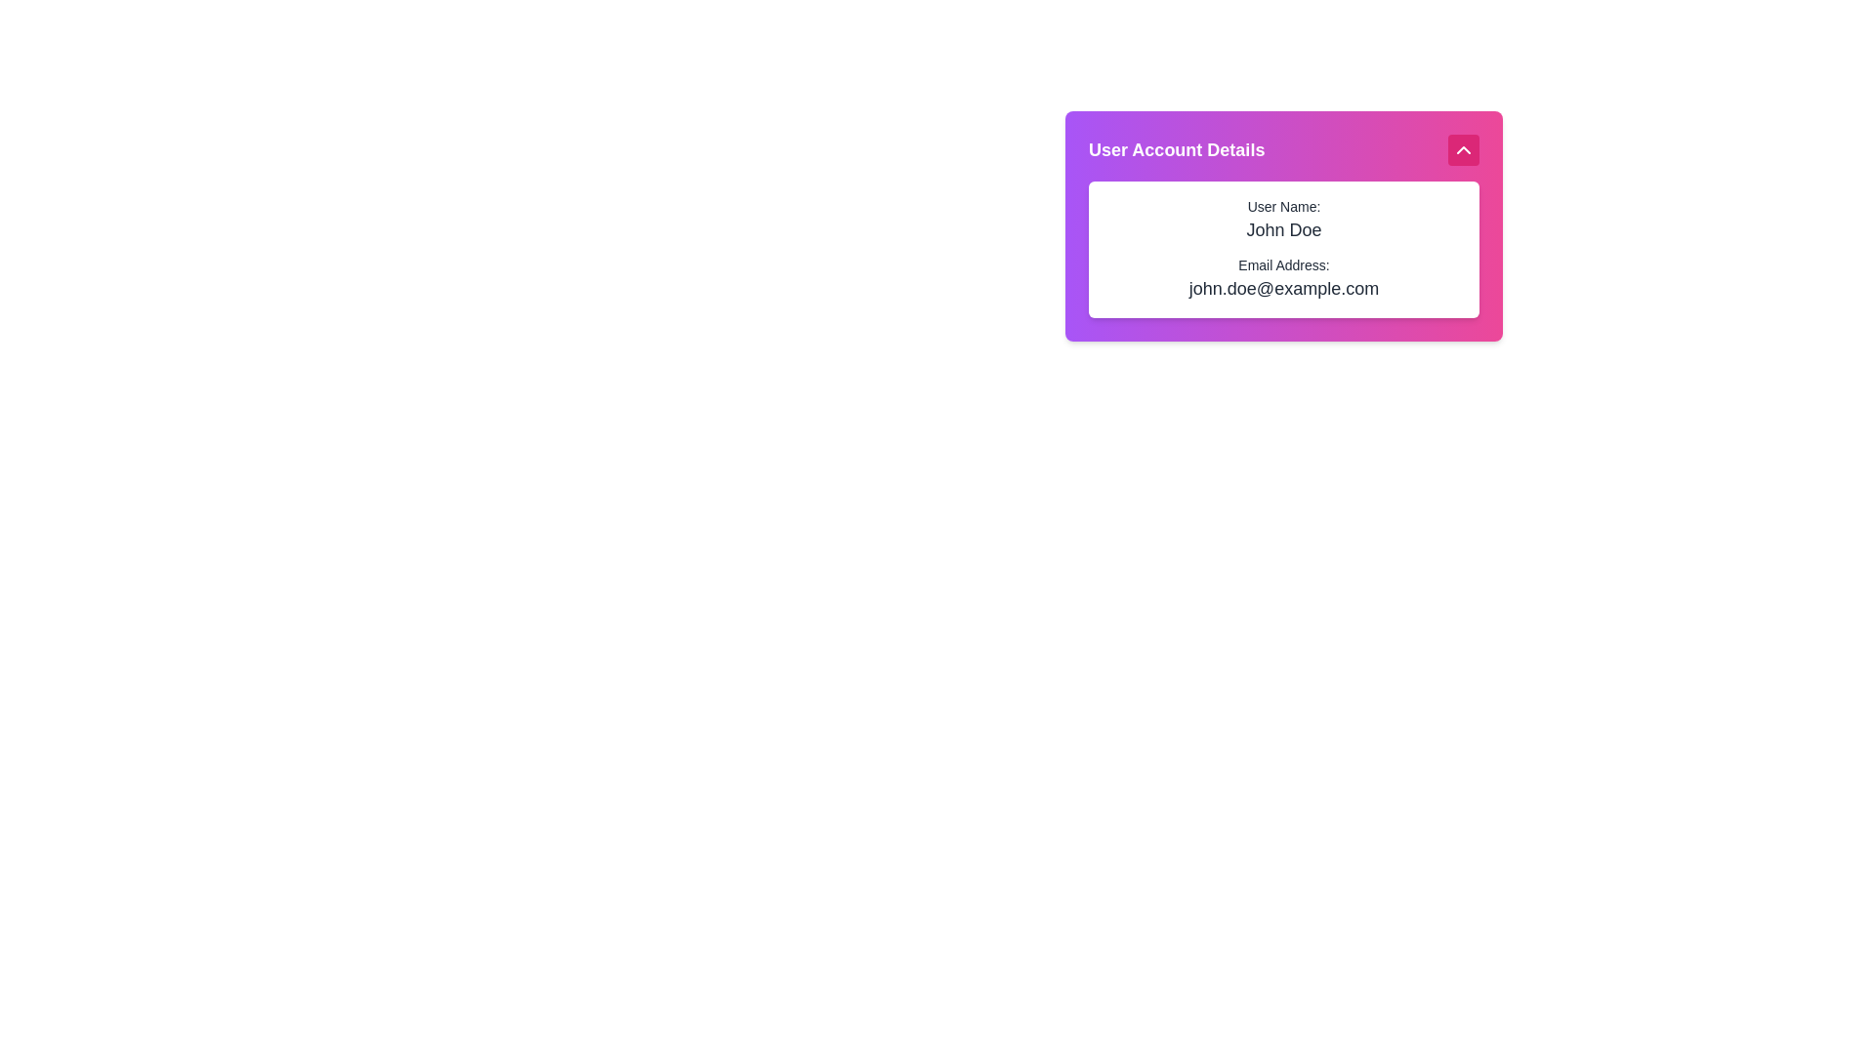  What do you see at coordinates (1284, 278) in the screenshot?
I see `the text-based label displaying the user's email address, which is located directly below the 'User Name: John Doe' element` at bounding box center [1284, 278].